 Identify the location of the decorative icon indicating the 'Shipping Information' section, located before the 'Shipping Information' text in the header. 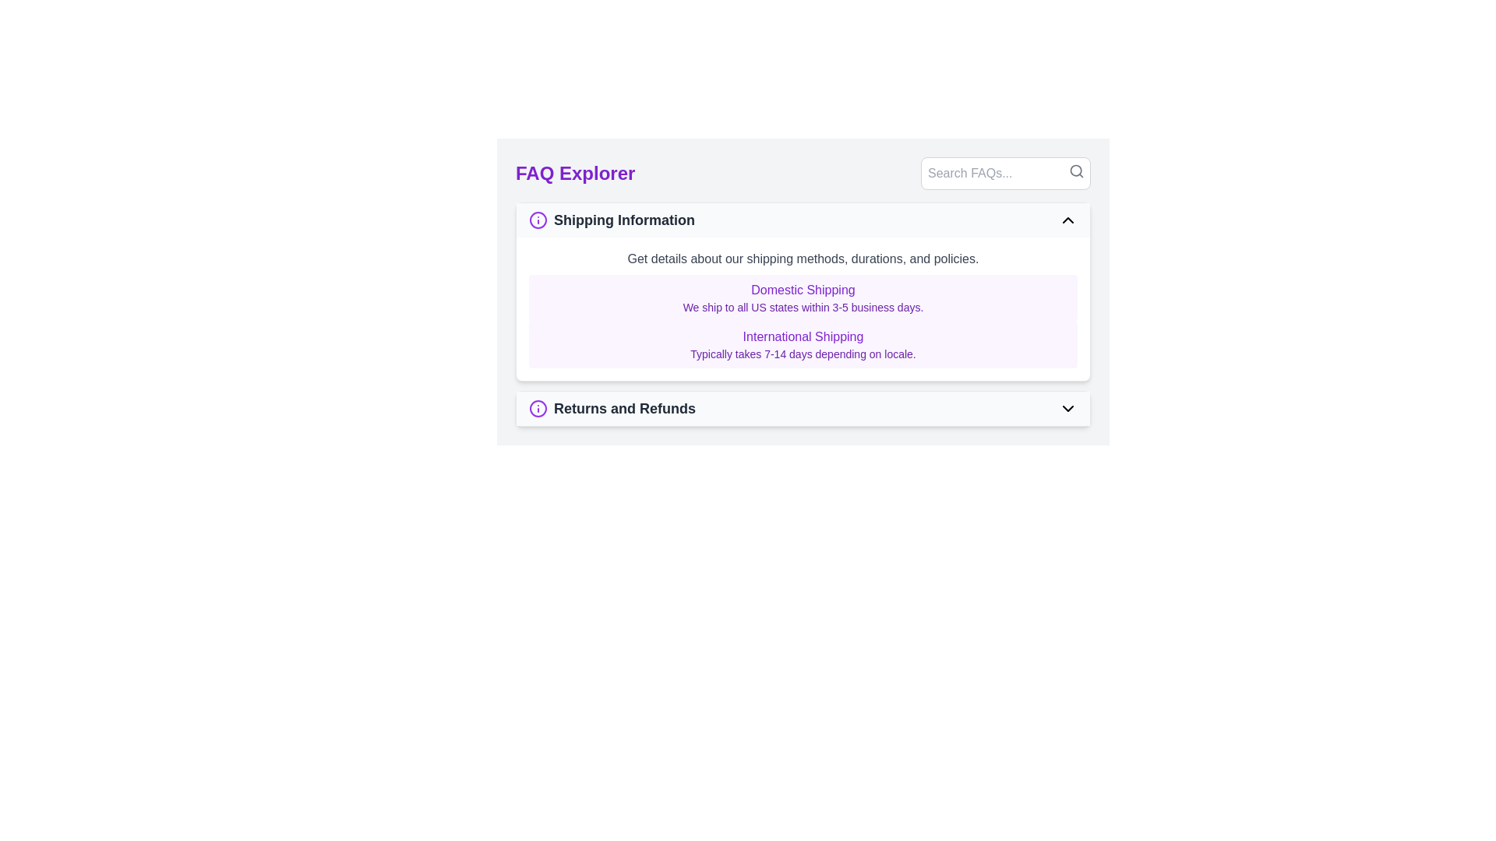
(538, 220).